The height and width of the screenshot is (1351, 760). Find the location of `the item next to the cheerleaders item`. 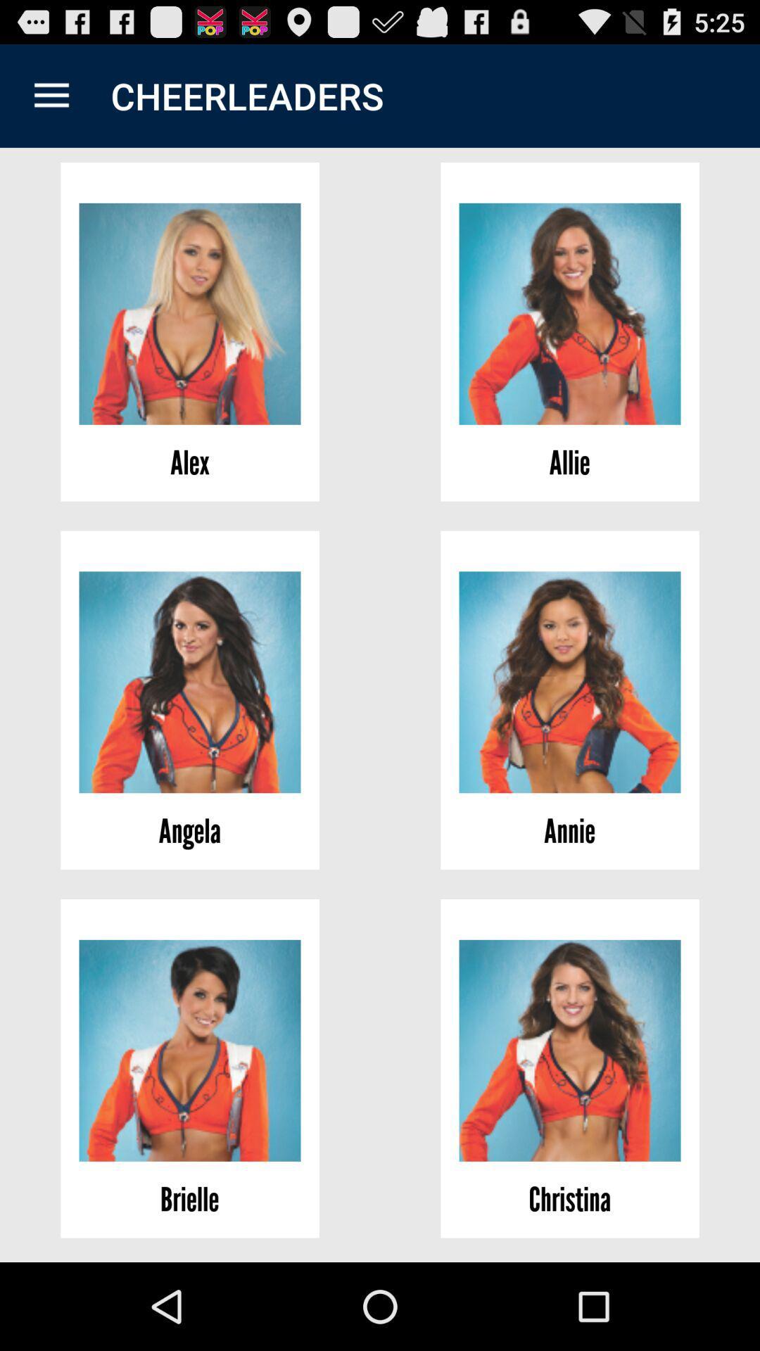

the item next to the cheerleaders item is located at coordinates (51, 95).